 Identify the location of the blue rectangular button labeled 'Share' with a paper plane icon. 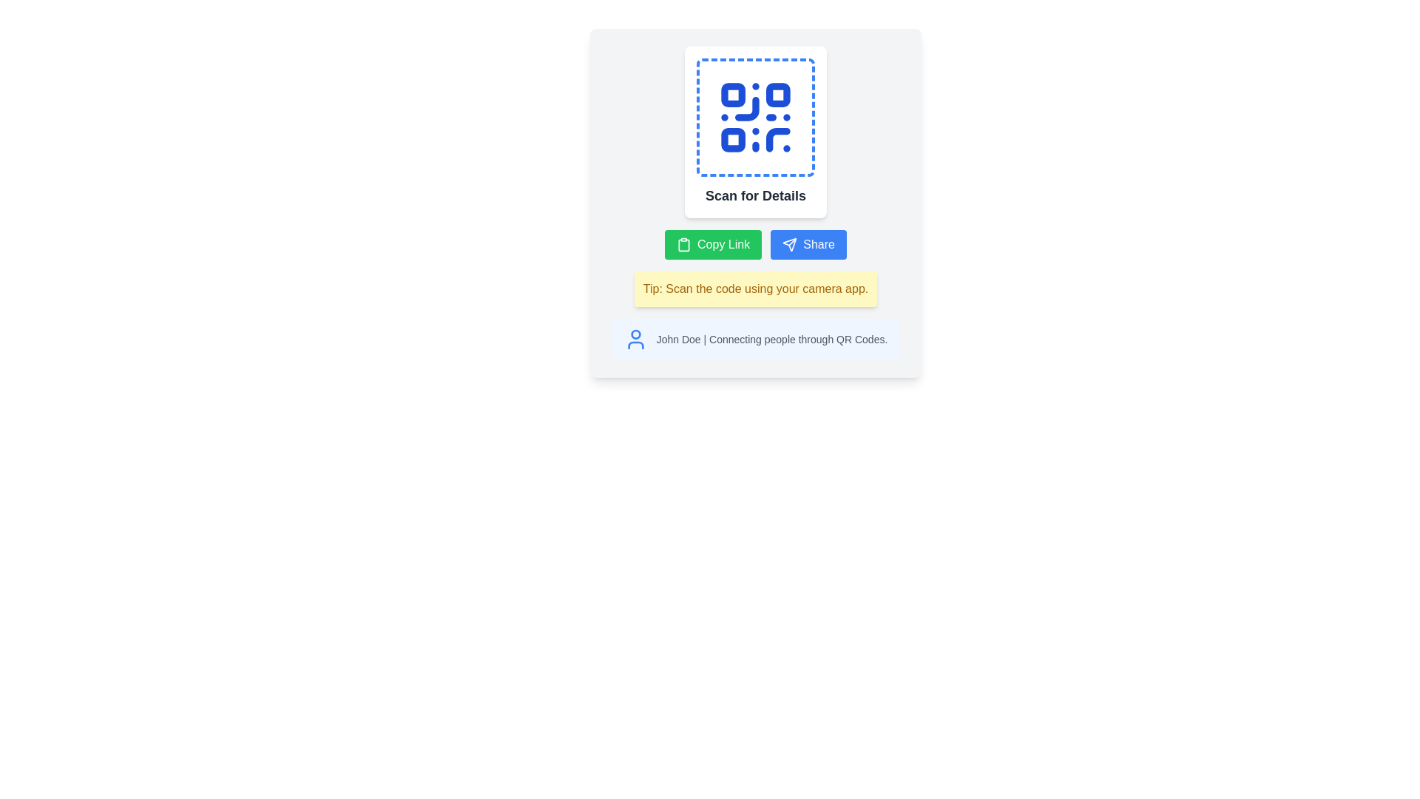
(808, 244).